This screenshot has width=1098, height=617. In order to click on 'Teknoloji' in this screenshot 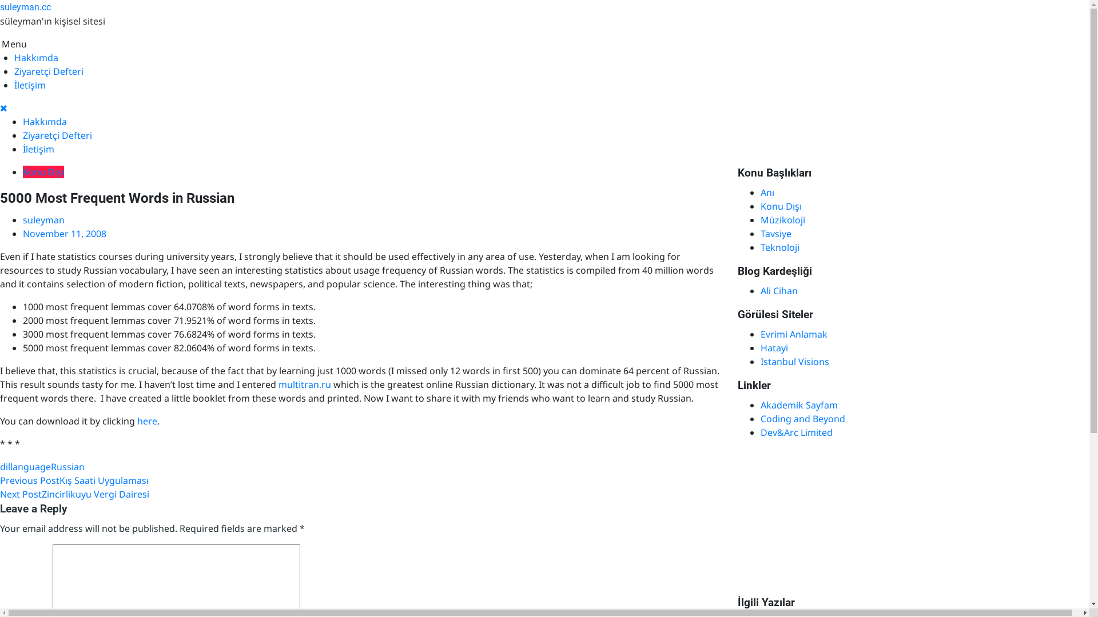, I will do `click(779, 246)`.